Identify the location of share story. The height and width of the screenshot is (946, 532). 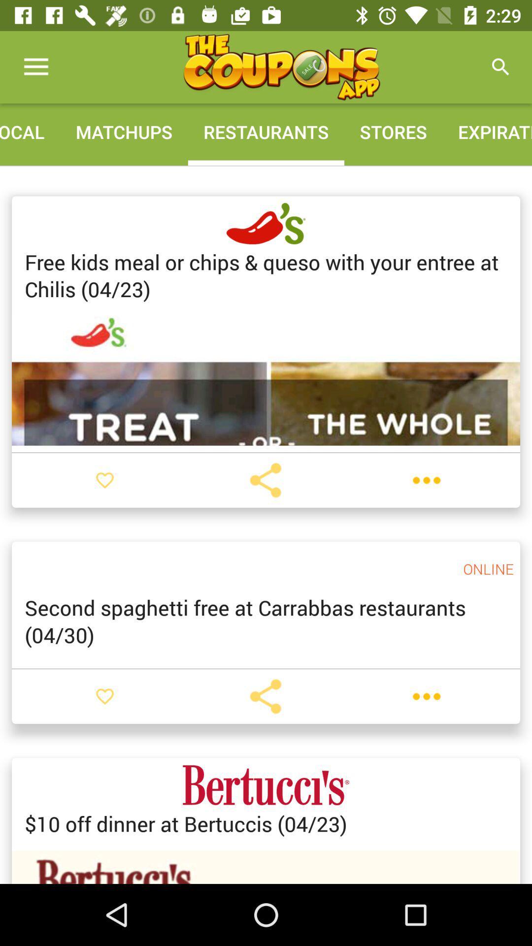
(265, 480).